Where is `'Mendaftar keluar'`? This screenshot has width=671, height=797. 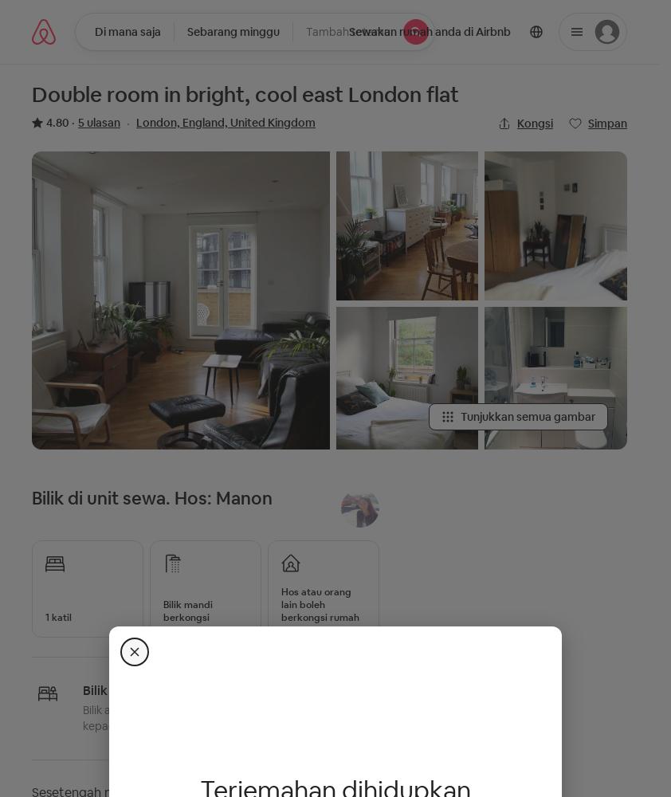
'Mendaftar keluar' is located at coordinates (197, 40).